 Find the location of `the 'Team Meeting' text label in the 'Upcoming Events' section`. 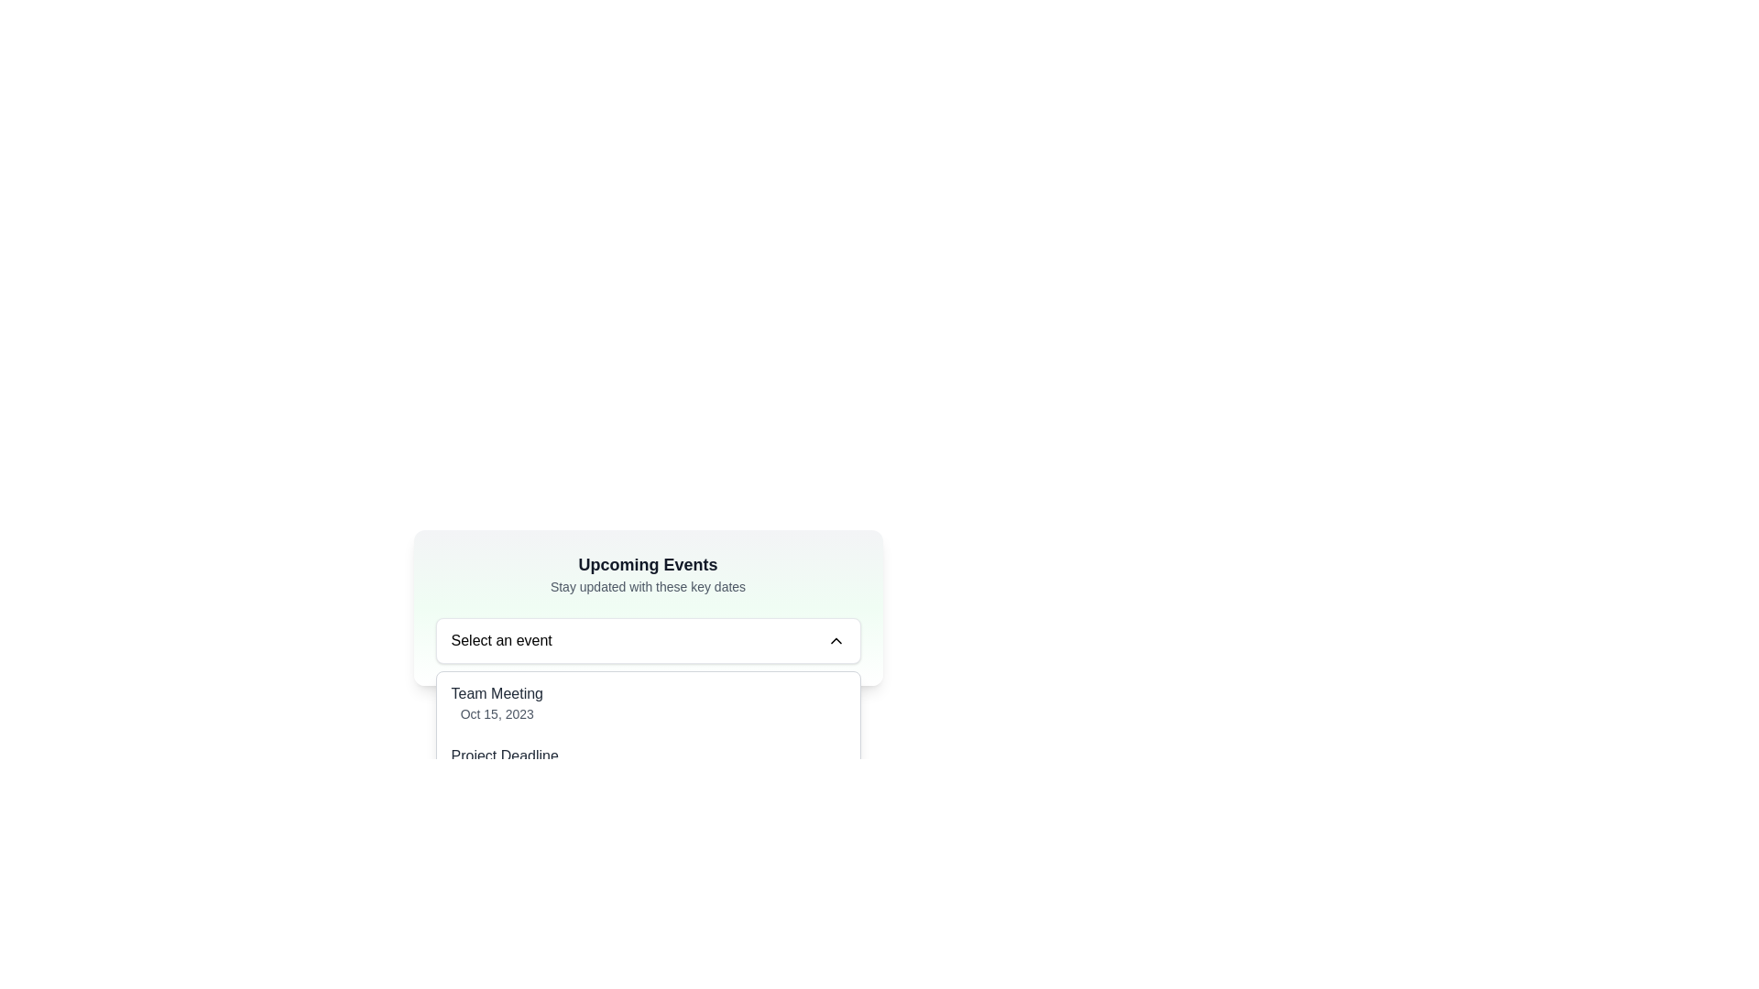

the 'Team Meeting' text label in the 'Upcoming Events' section is located at coordinates (497, 701).